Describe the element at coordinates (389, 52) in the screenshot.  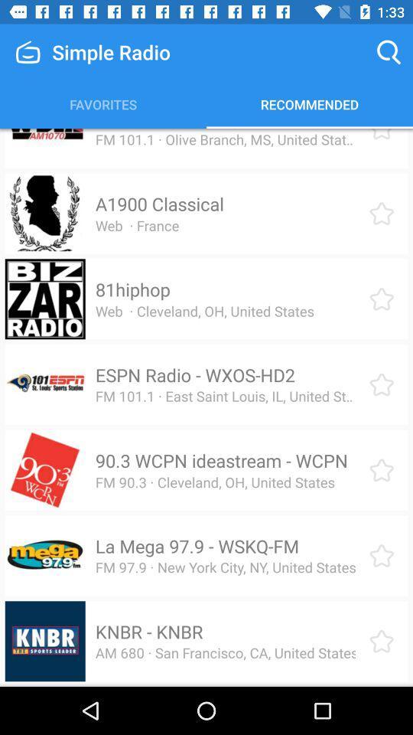
I see `the icon above the recommended` at that location.